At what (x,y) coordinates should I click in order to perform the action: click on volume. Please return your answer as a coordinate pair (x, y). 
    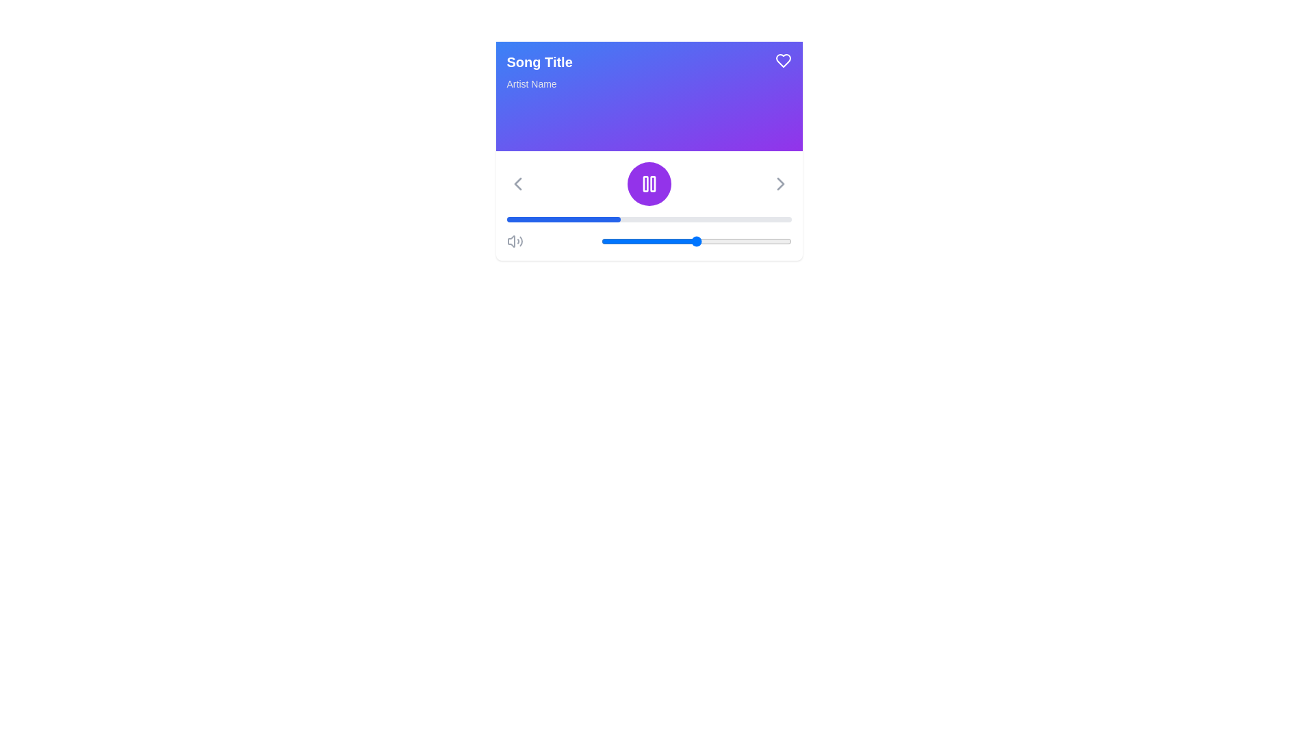
    Looking at the image, I should click on (734, 241).